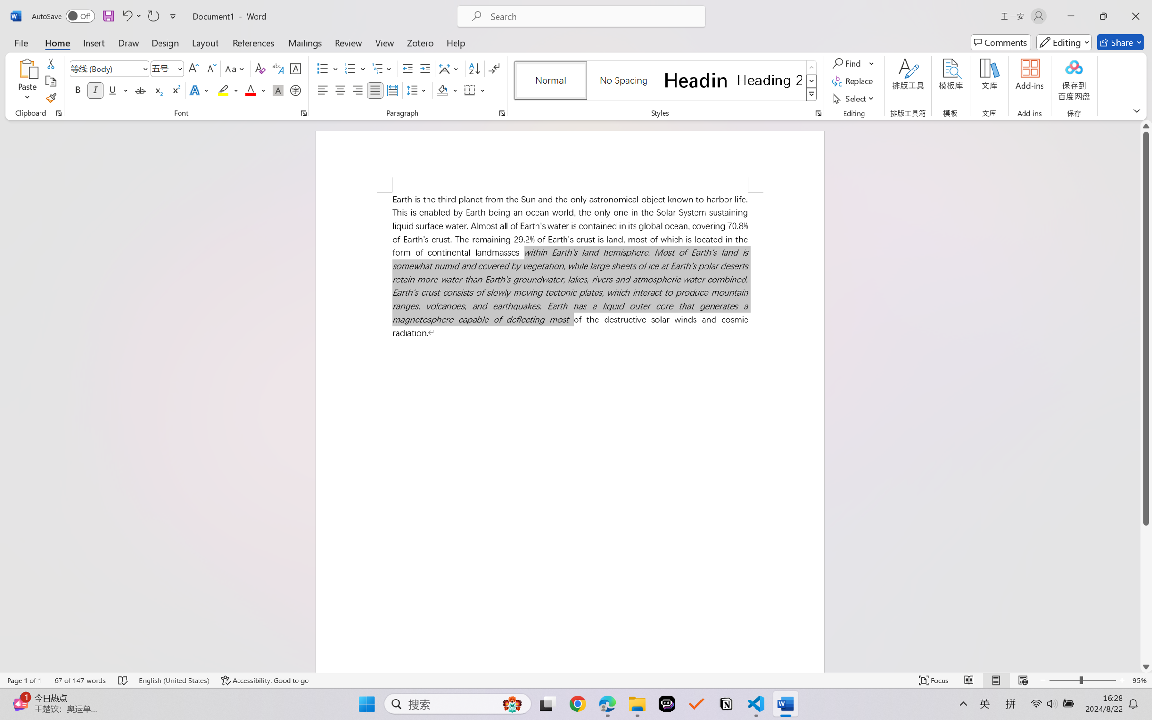  I want to click on 'Zoom 95%', so click(1140, 680).